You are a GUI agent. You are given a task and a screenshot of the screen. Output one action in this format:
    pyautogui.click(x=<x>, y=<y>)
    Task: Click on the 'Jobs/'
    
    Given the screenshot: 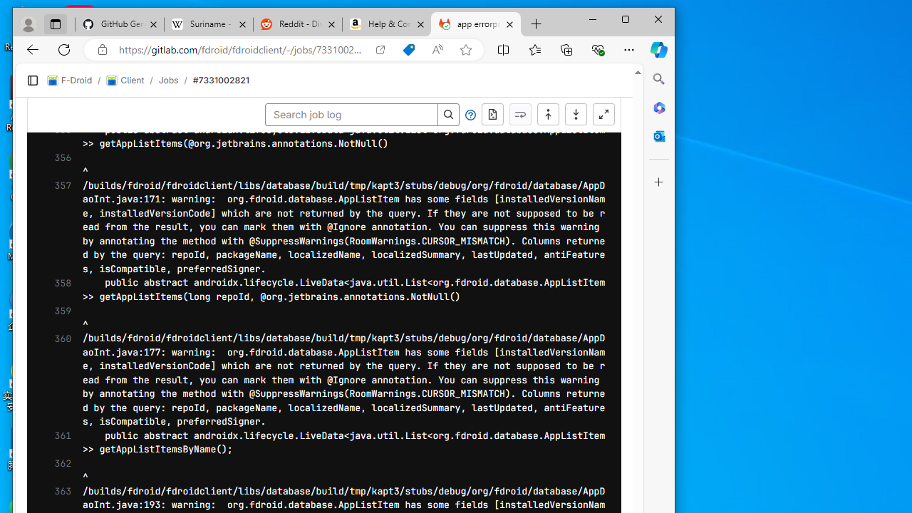 What is the action you would take?
    pyautogui.click(x=175, y=81)
    